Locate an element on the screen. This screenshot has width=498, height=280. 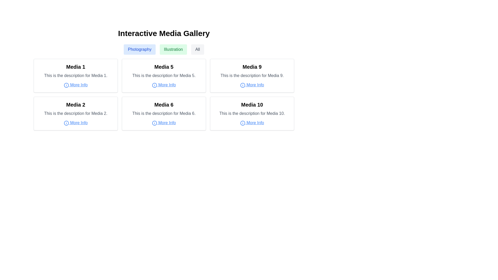
the outermost circular graphical element within the 'Media 1' grid card, positioned below the text 'Media 1' and above the 'More Info' link is located at coordinates (66, 85).